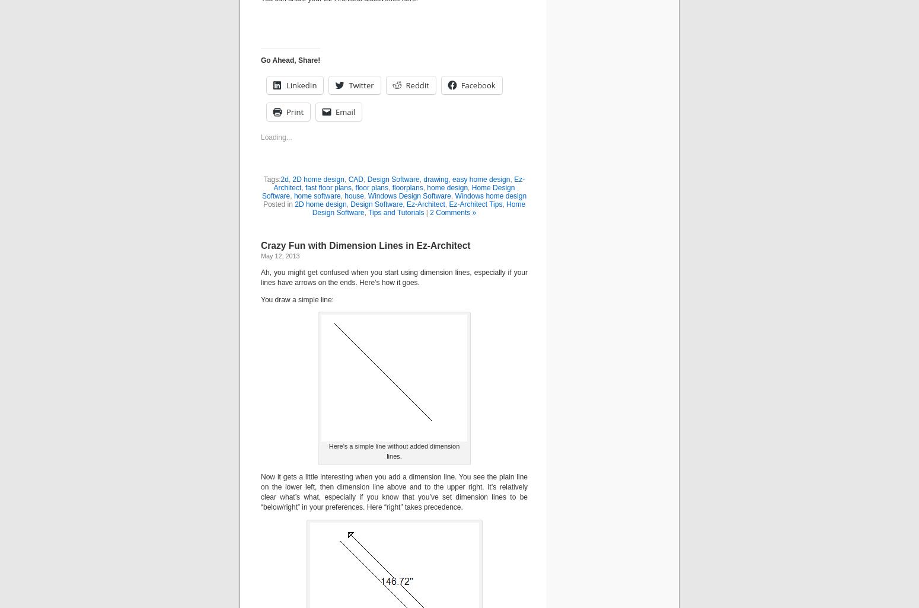  I want to click on 'LinkedIn', so click(301, 85).